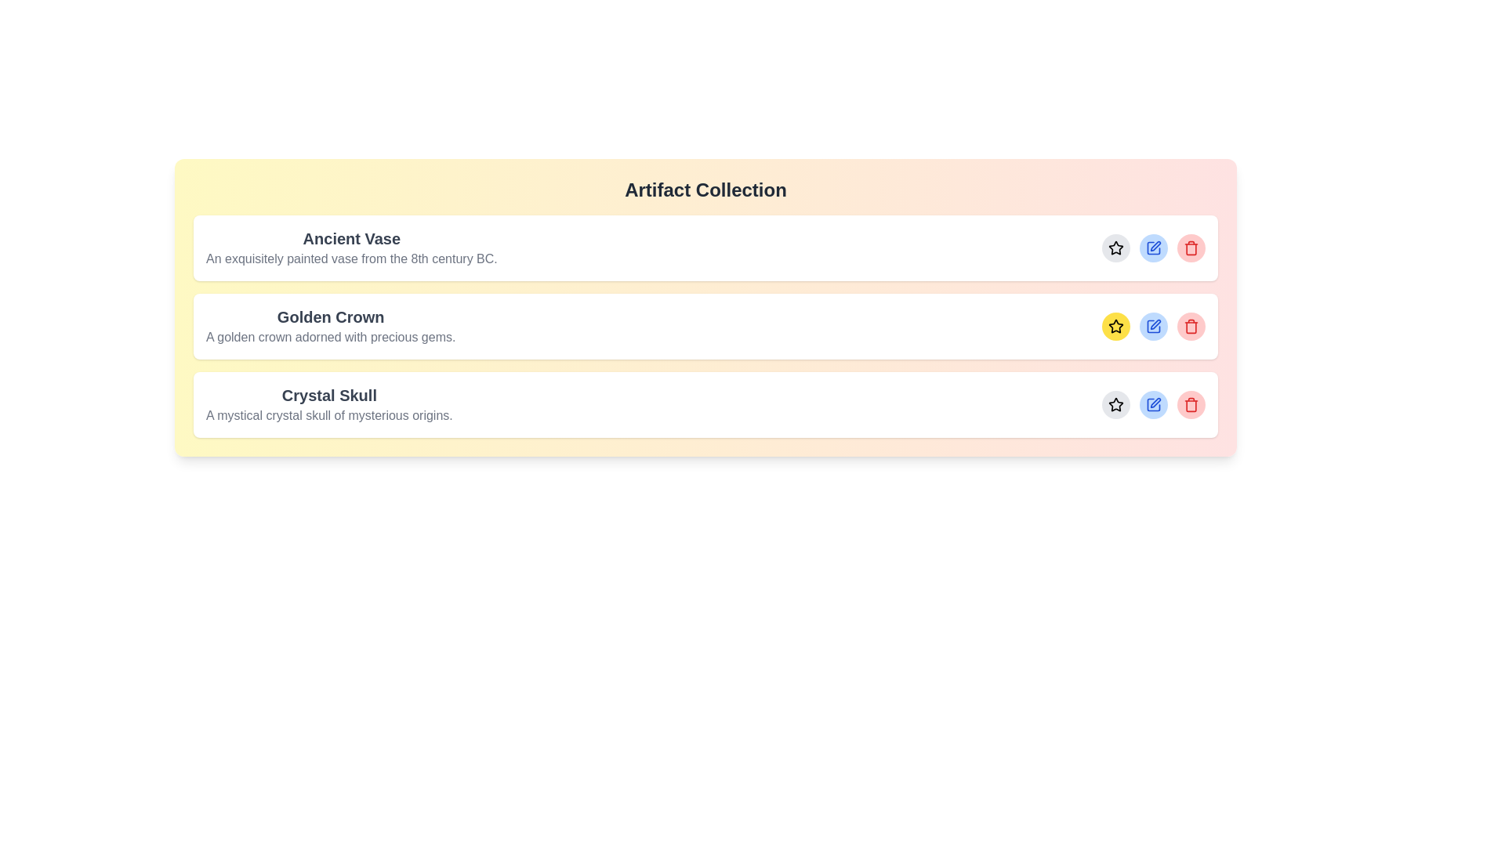 The image size is (1505, 846). Describe the element at coordinates (1115, 247) in the screenshot. I see `the star button corresponding to the artifact named Ancient Vase to toggle its 'like' status` at that location.